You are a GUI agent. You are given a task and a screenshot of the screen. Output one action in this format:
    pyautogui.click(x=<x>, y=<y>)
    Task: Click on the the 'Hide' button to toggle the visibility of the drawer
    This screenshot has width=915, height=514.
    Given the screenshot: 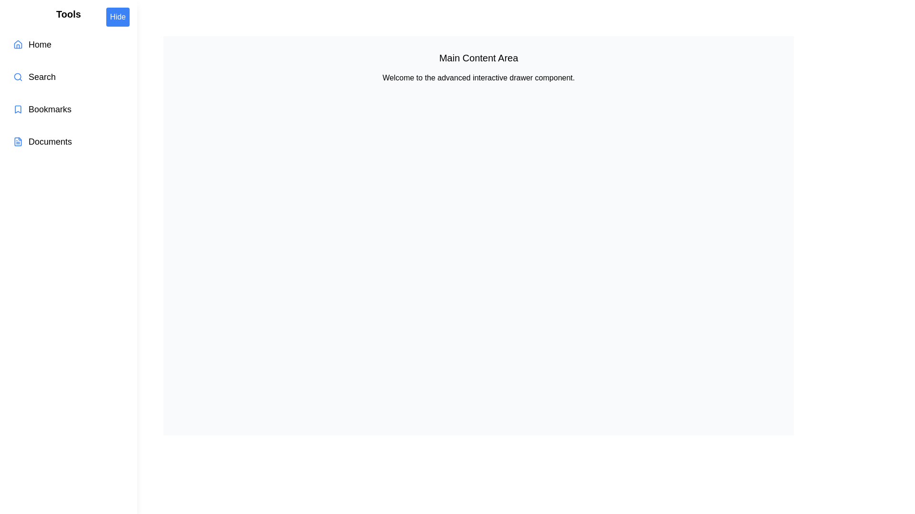 What is the action you would take?
    pyautogui.click(x=117, y=17)
    